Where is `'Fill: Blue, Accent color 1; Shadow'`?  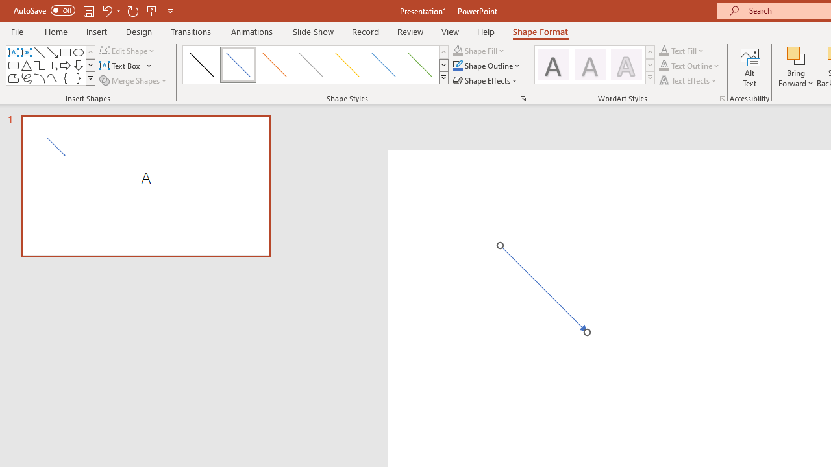 'Fill: Blue, Accent color 1; Shadow' is located at coordinates (589, 65).